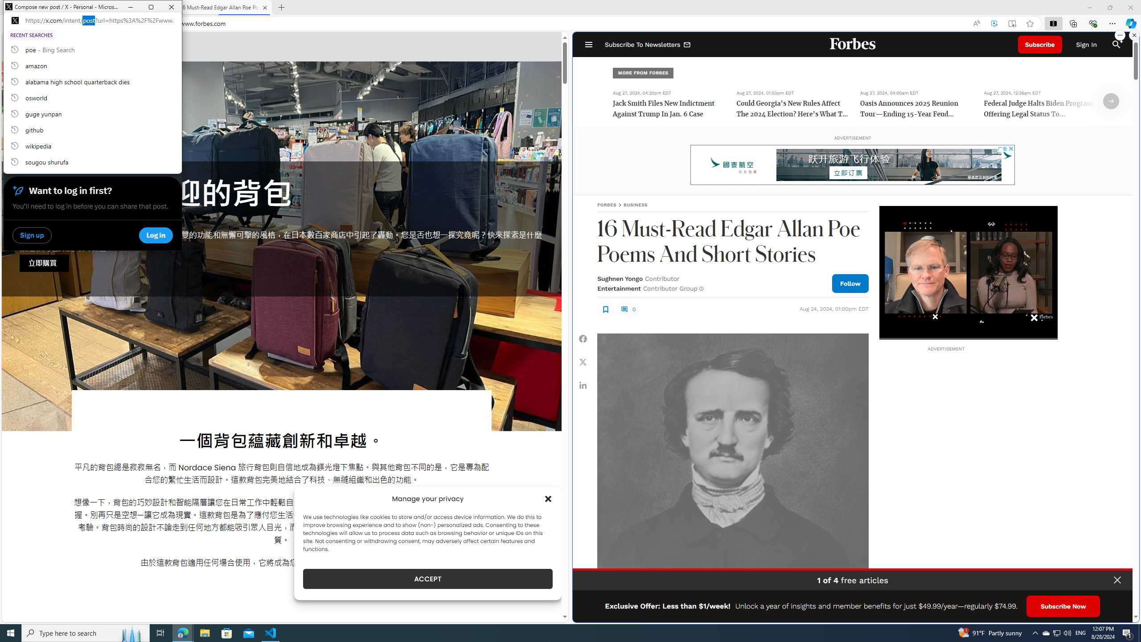  I want to click on 'Class: sElHJWe4', so click(605, 309).